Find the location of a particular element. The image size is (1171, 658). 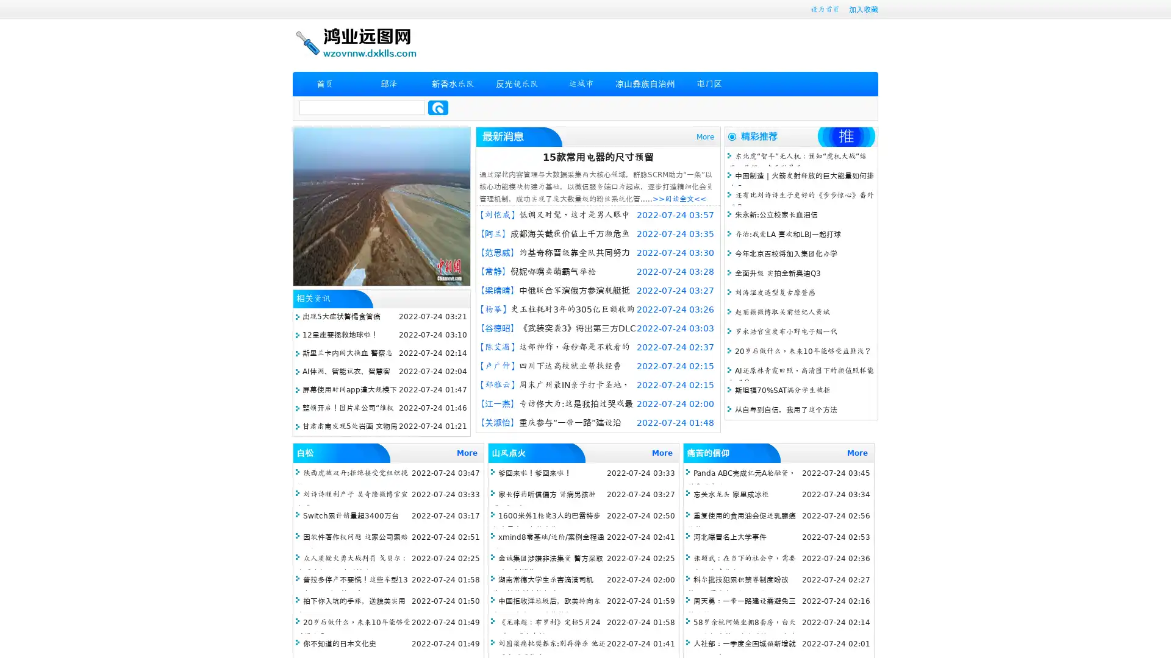

Search is located at coordinates (438, 107).